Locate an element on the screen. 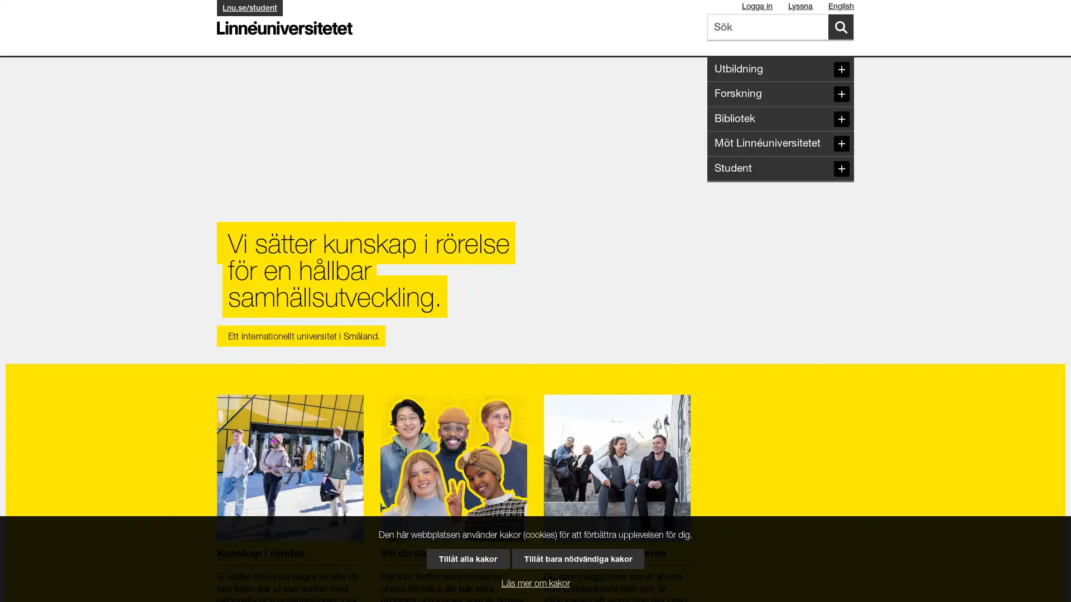 This screenshot has height=602, width=1071. Tillat bara nodvandiga kakor is located at coordinates (578, 559).